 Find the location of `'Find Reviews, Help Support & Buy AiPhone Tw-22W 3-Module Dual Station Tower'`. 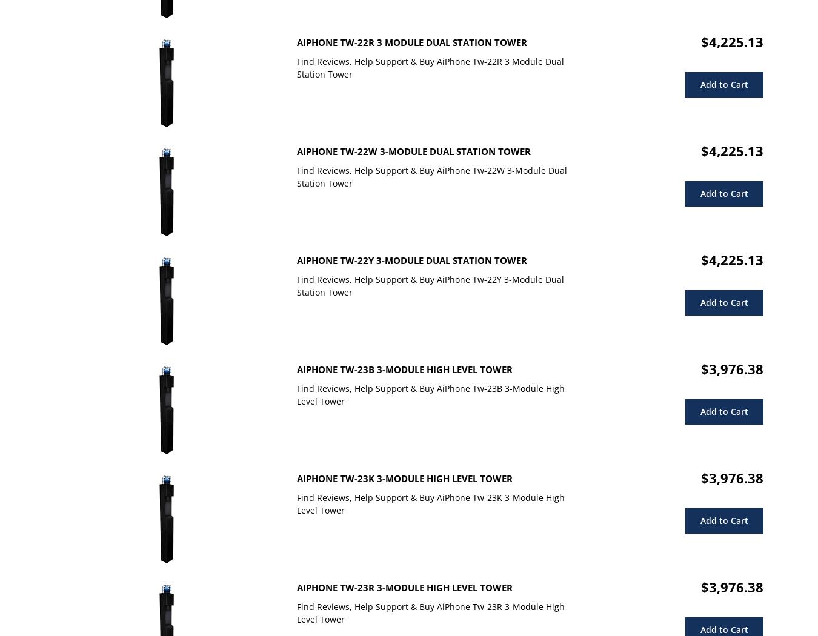

'Find Reviews, Help Support & Buy AiPhone Tw-22W 3-Module Dual Station Tower' is located at coordinates (431, 176).